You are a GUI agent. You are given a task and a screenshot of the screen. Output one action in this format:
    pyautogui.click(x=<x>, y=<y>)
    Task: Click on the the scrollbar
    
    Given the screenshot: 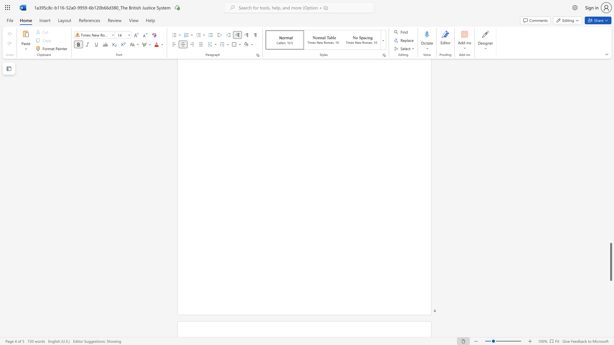 What is the action you would take?
    pyautogui.click(x=610, y=89)
    